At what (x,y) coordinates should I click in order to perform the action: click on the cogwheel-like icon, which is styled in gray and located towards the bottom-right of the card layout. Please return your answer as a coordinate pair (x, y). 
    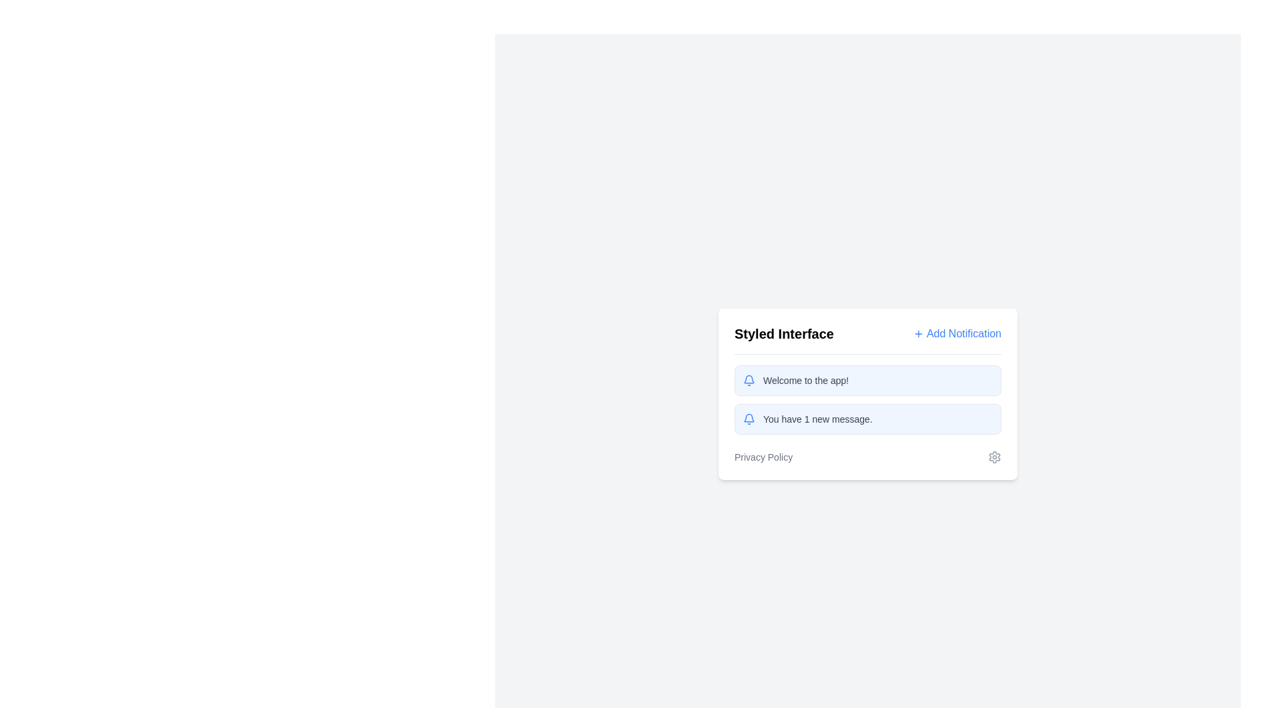
    Looking at the image, I should click on (995, 456).